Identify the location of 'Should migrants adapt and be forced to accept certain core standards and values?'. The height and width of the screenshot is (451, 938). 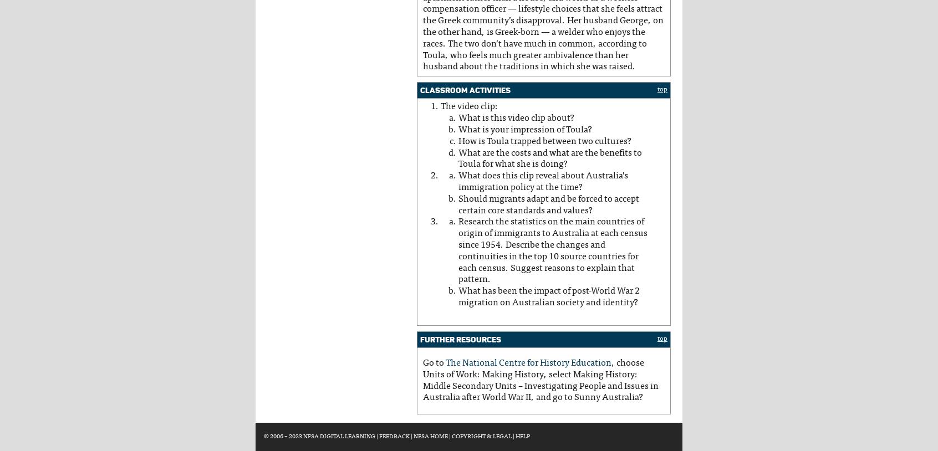
(548, 204).